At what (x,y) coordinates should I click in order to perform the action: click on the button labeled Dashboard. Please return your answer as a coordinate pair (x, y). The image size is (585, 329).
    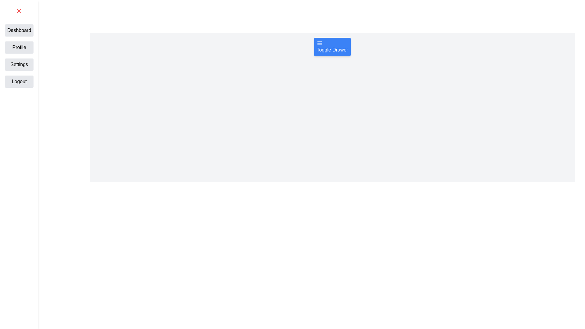
    Looking at the image, I should click on (19, 30).